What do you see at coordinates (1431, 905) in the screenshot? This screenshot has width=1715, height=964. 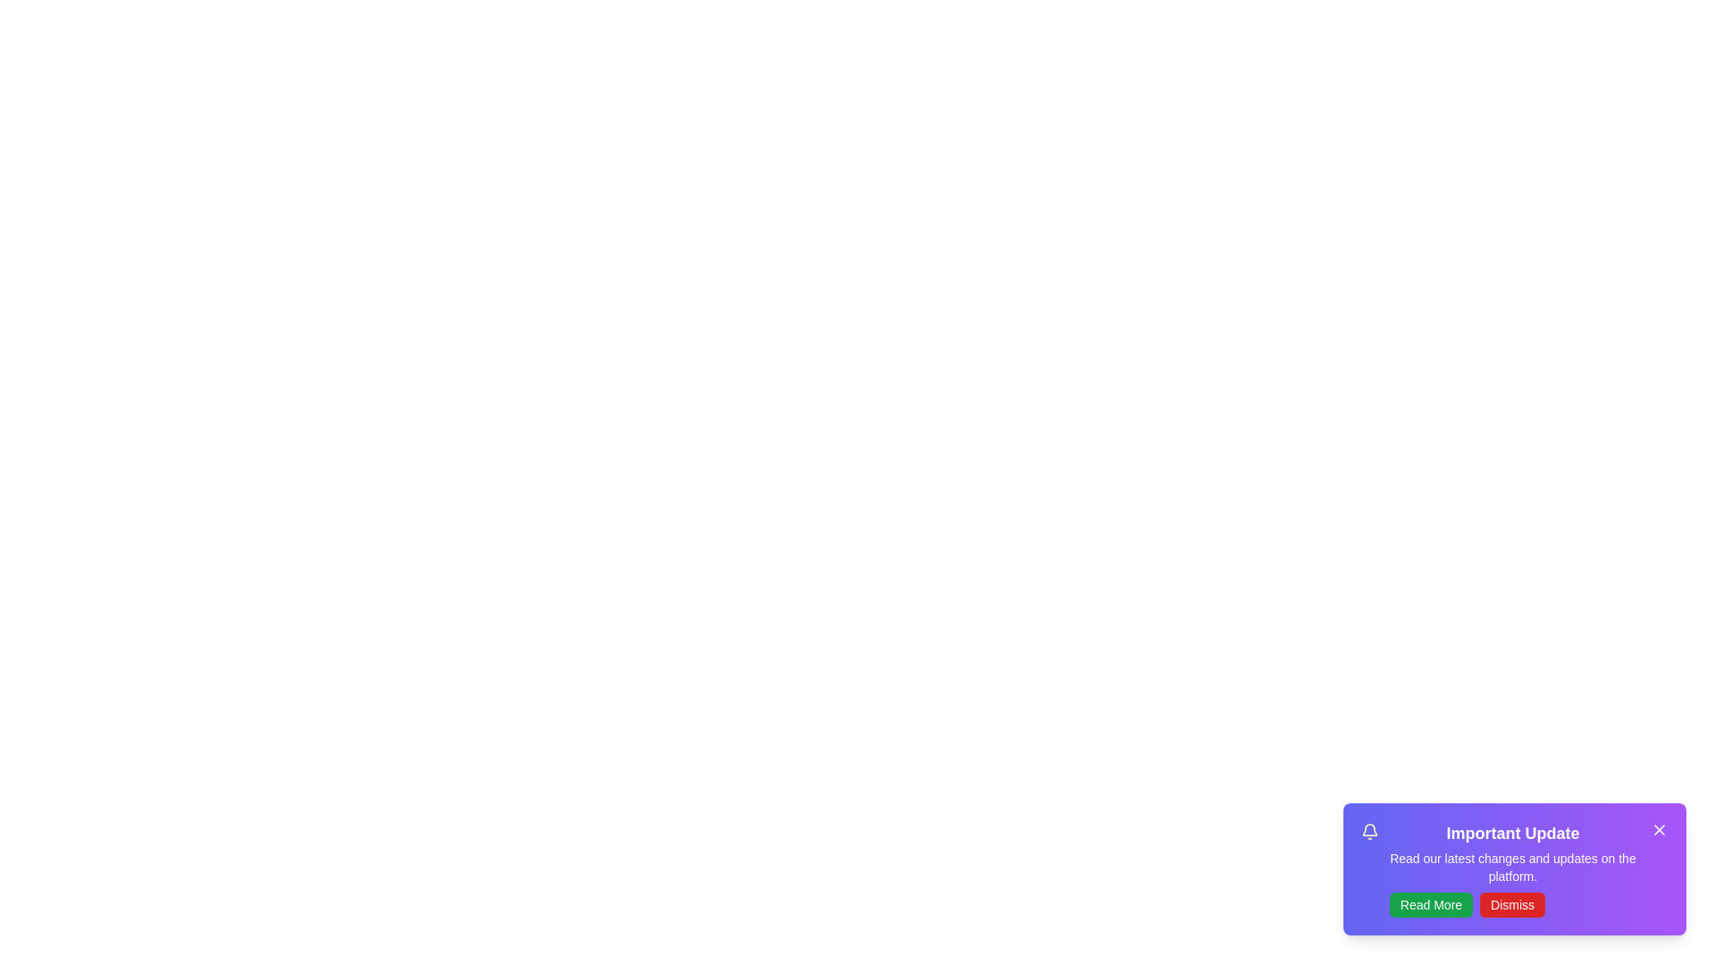 I see `the 'Read More' button to navigate to updates` at bounding box center [1431, 905].